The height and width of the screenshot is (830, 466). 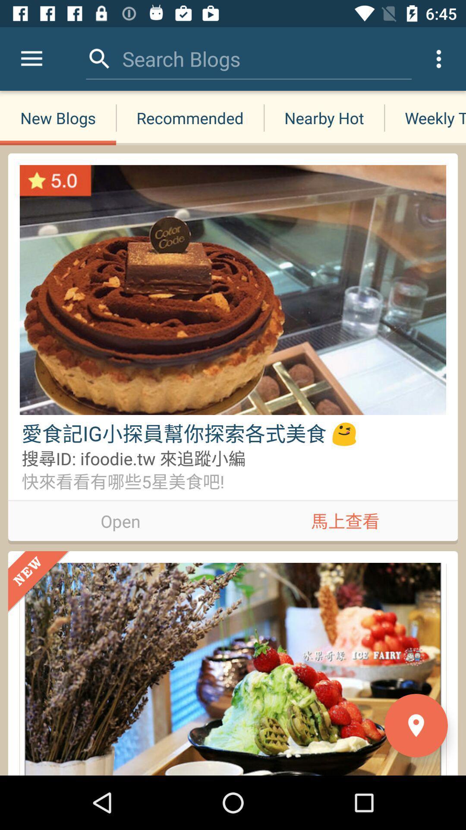 What do you see at coordinates (416, 725) in the screenshot?
I see `the location icon` at bounding box center [416, 725].